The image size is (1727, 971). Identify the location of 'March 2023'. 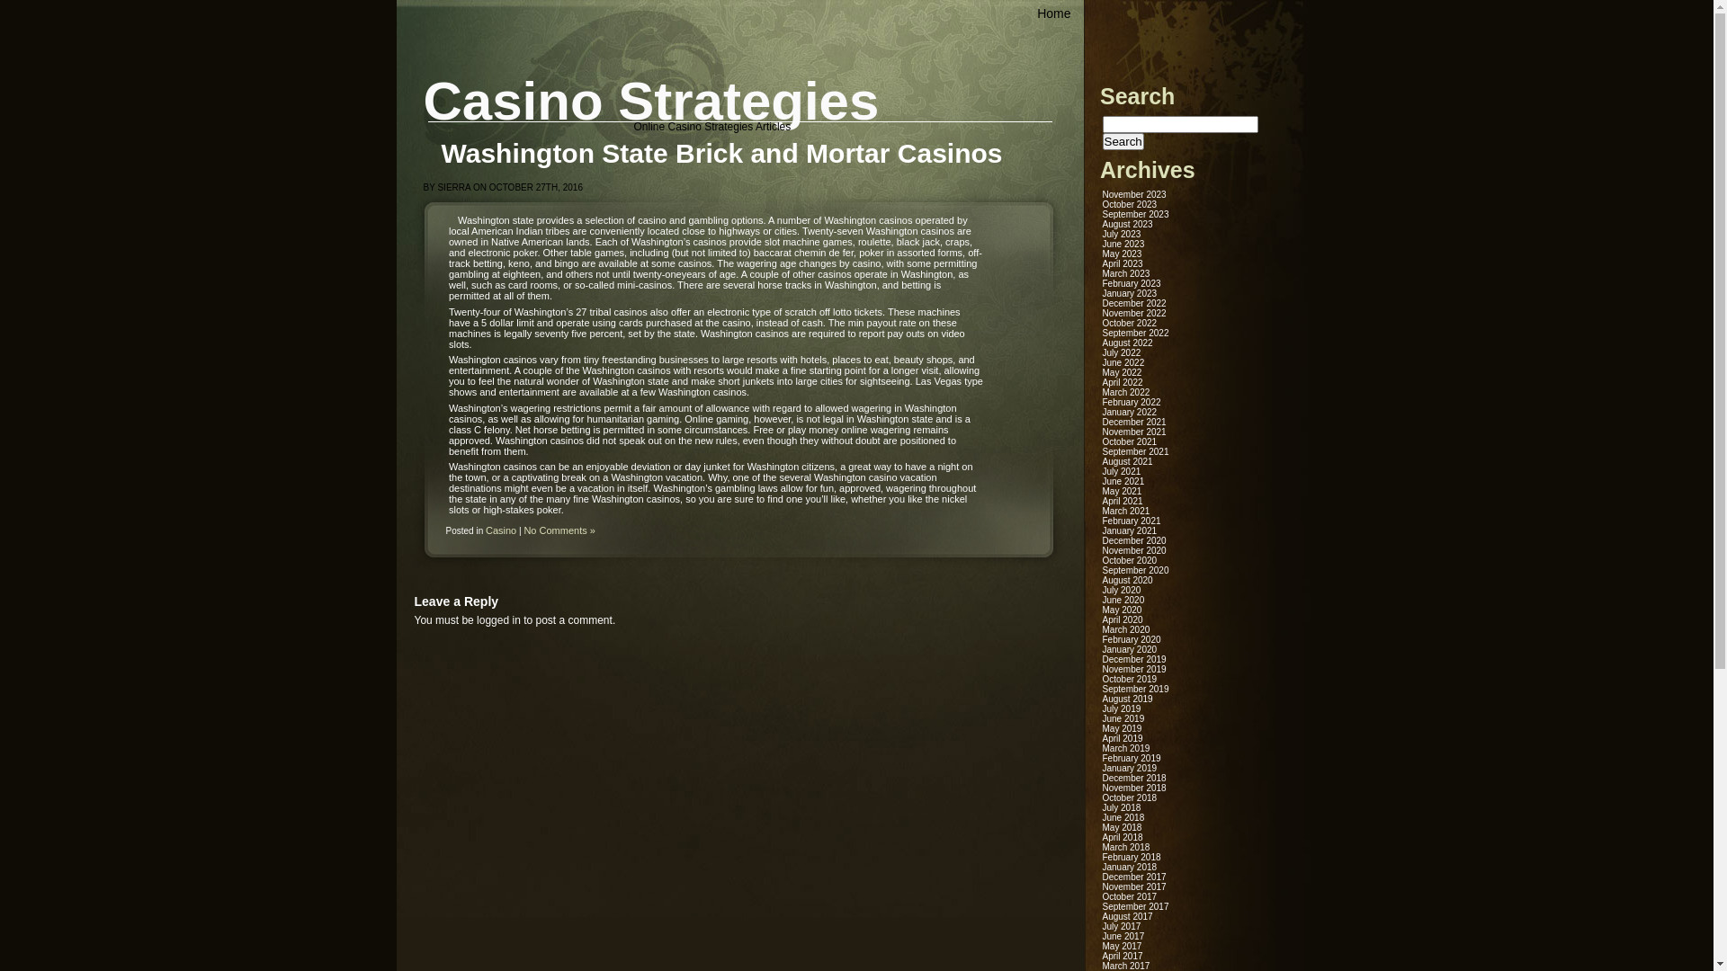
(1125, 273).